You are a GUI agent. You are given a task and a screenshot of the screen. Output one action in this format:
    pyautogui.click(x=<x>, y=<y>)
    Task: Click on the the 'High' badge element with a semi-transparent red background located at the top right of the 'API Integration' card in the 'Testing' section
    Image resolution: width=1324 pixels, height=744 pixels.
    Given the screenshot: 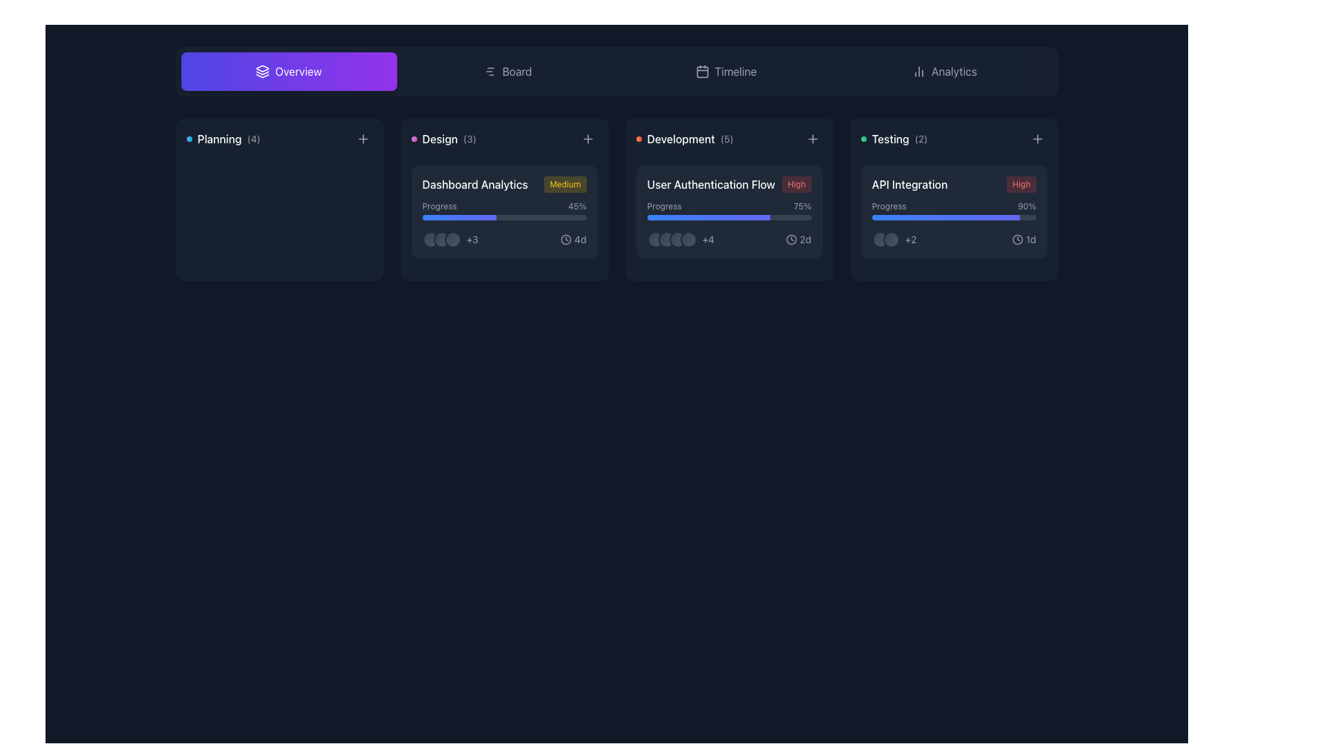 What is the action you would take?
    pyautogui.click(x=1021, y=183)
    